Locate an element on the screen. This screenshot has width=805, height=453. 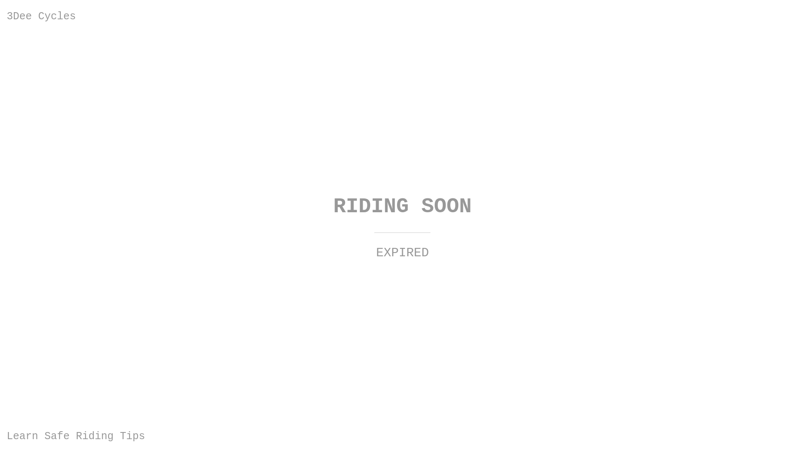
'Learn Safe Riding Tips' is located at coordinates (76, 436).